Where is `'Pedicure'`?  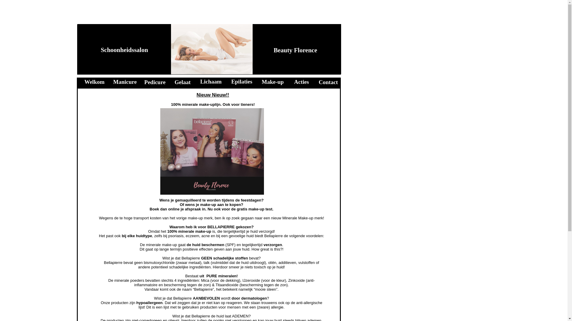
'Pedicure' is located at coordinates (144, 82).